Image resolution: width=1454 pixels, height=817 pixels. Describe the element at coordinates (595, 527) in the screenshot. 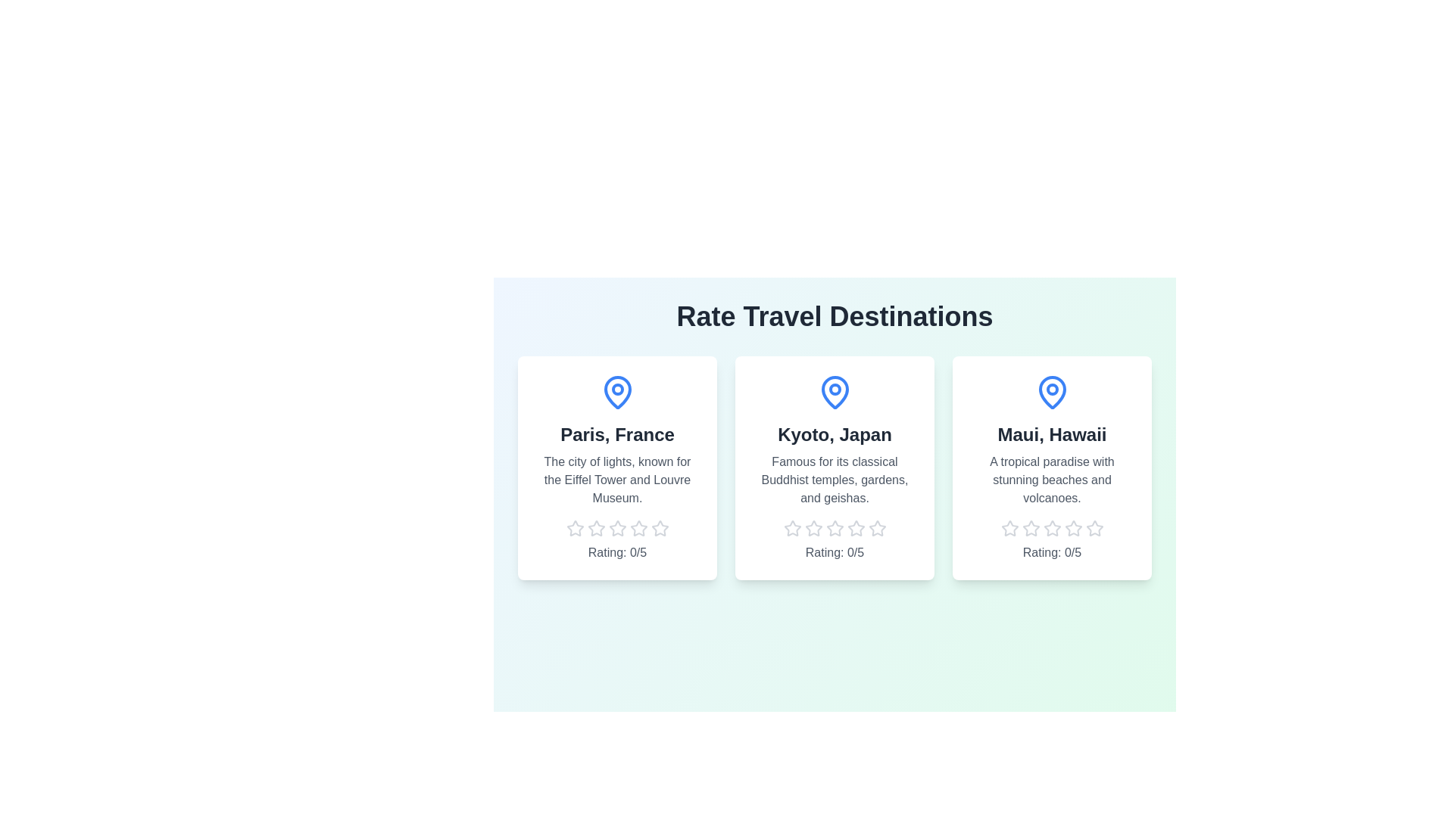

I see `the star corresponding to 2 to observe the hover effect` at that location.